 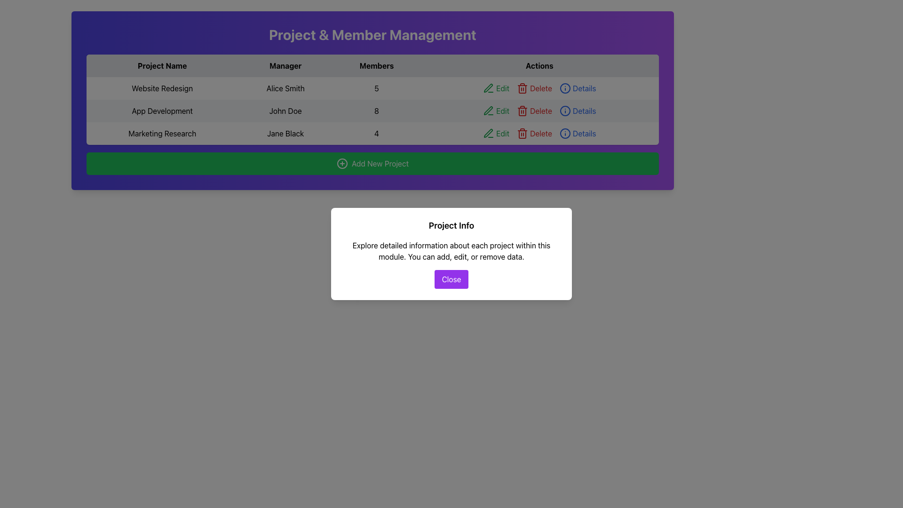 What do you see at coordinates (451, 279) in the screenshot?
I see `the close button located at the bottom of the pop-up dialog` at bounding box center [451, 279].